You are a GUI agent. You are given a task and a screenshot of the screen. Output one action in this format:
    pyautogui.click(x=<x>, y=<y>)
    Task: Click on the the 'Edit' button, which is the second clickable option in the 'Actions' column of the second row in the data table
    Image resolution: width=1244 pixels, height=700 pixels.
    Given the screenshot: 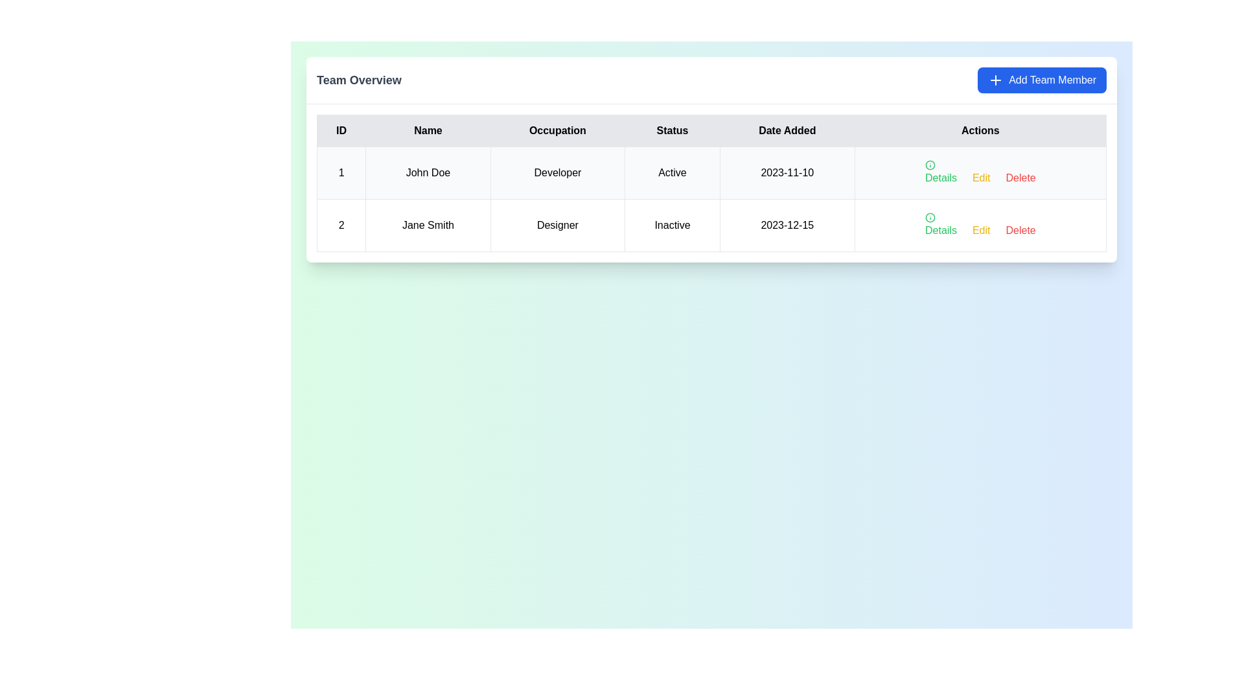 What is the action you would take?
    pyautogui.click(x=981, y=229)
    